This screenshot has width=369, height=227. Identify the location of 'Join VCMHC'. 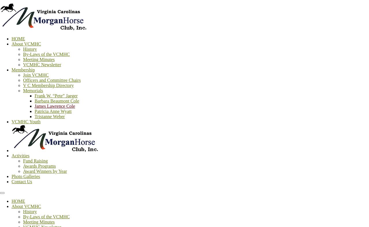
(35, 75).